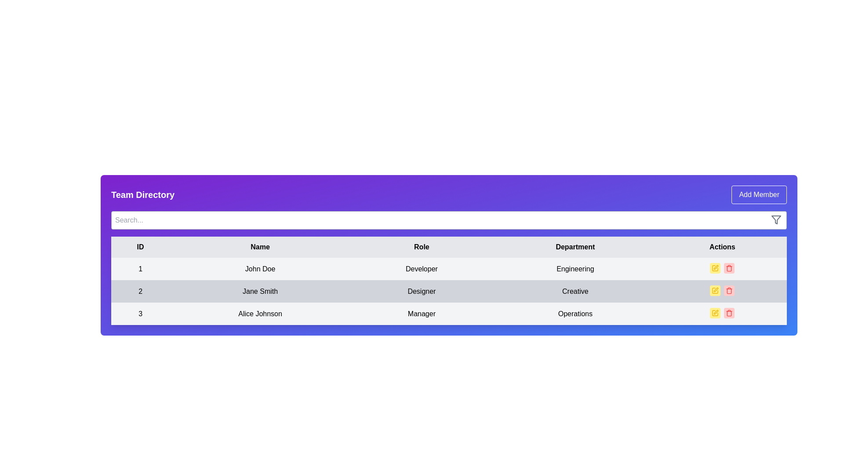 The height and width of the screenshot is (475, 844). Describe the element at coordinates (575, 291) in the screenshot. I see `the 'Creative' text label in the fourth column of the second data row in the 'Team Directory' interface, which has a light gray background` at that location.